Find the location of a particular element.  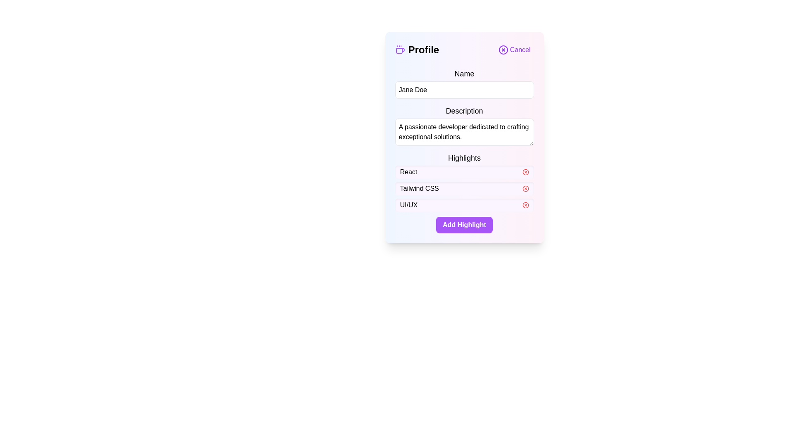

text from the 'Highlights' text label, which is prominently displayed above the list of tags in the user interface is located at coordinates (464, 158).